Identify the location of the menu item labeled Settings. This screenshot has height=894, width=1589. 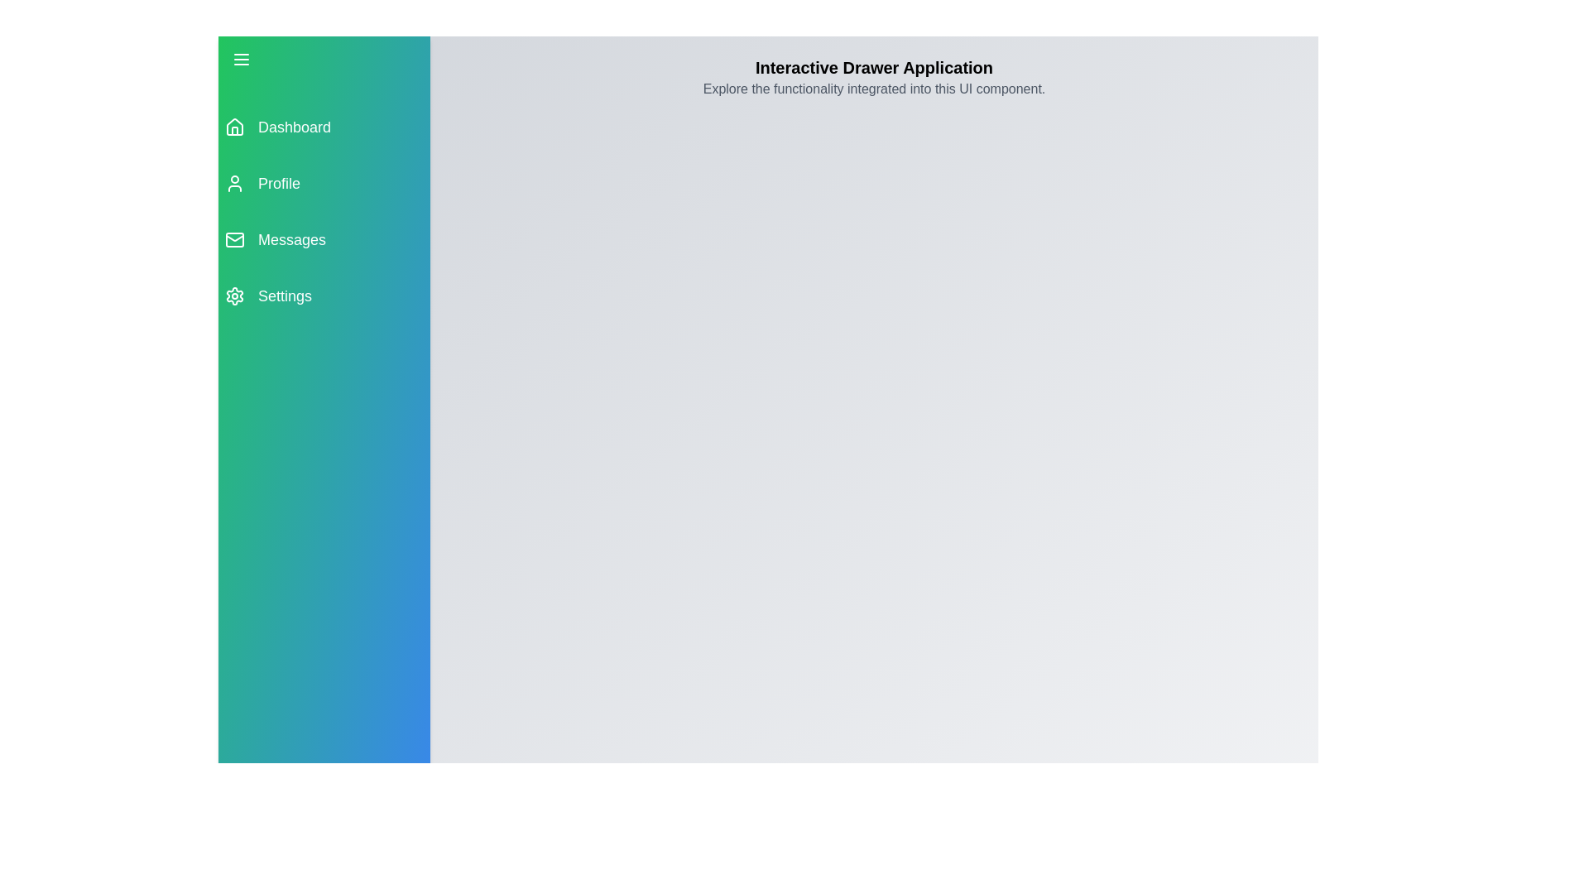
(324, 296).